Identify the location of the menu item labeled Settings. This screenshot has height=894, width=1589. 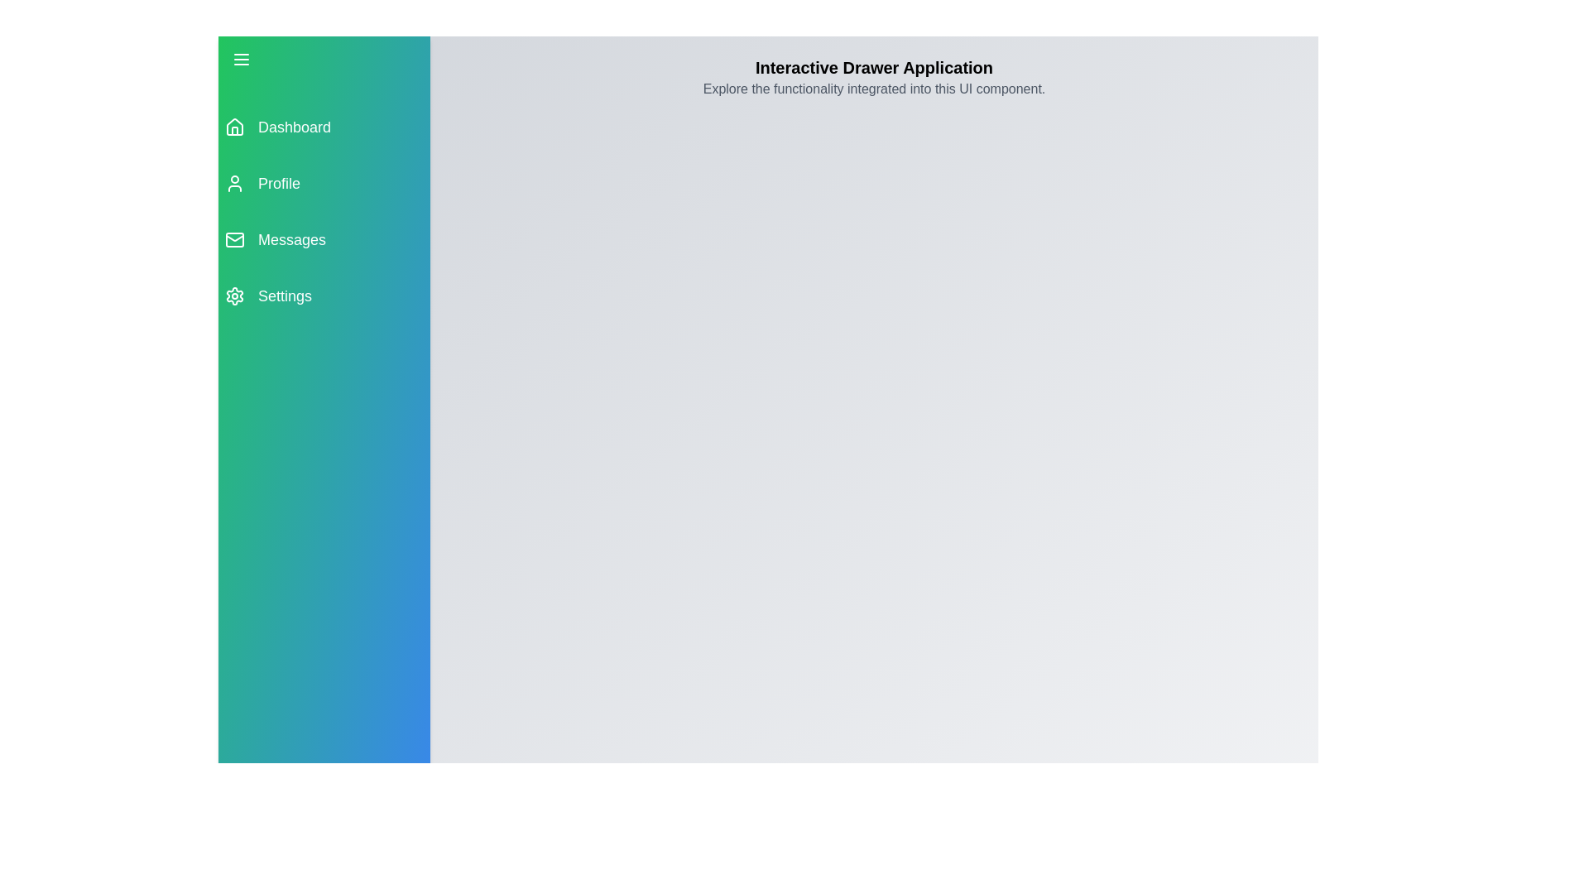
(324, 296).